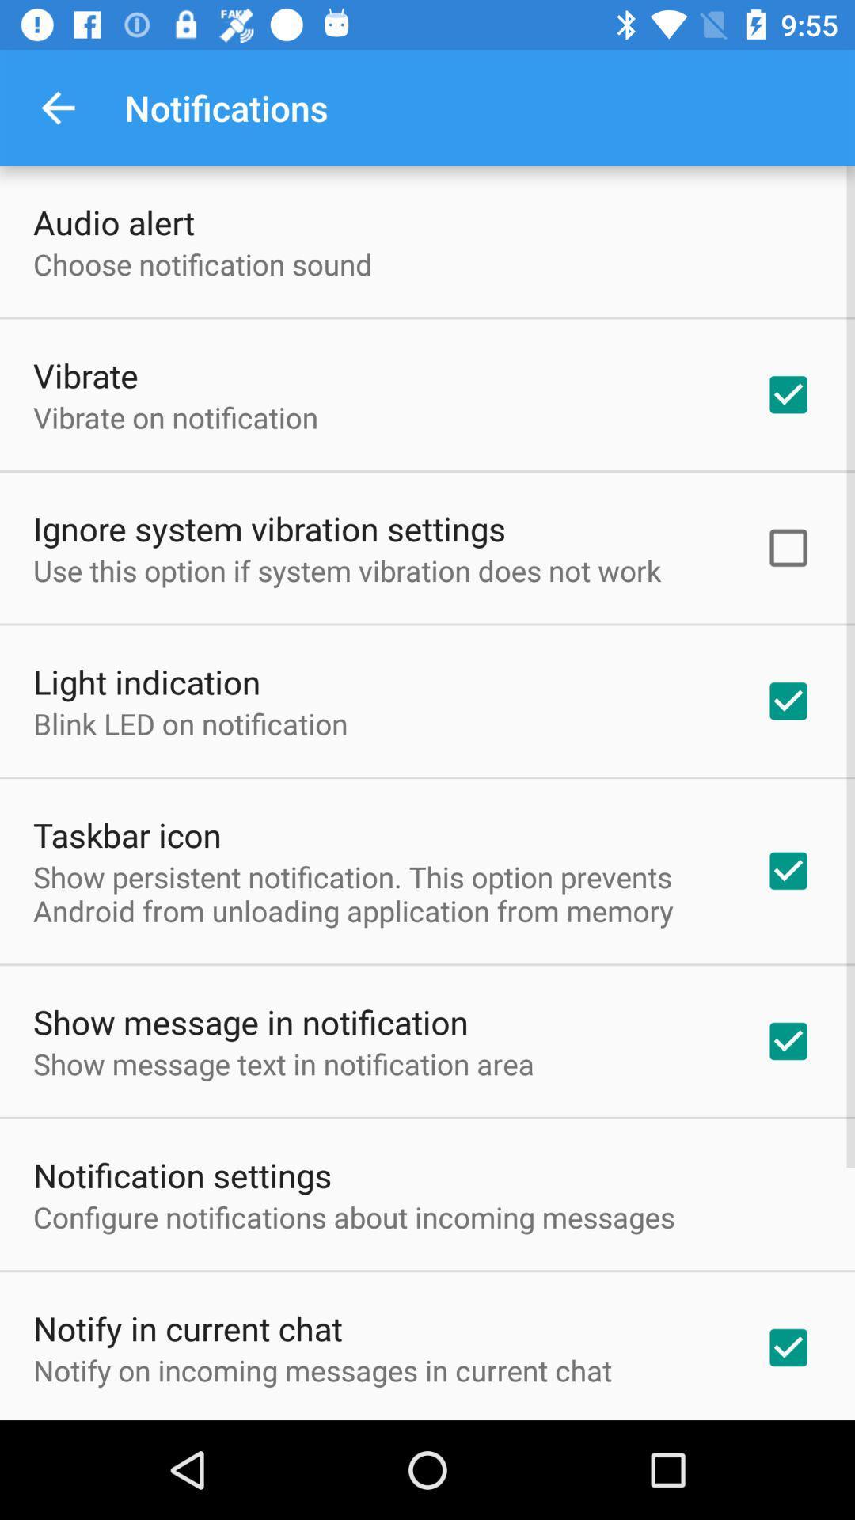  What do you see at coordinates (112, 221) in the screenshot?
I see `item above choose notification sound item` at bounding box center [112, 221].